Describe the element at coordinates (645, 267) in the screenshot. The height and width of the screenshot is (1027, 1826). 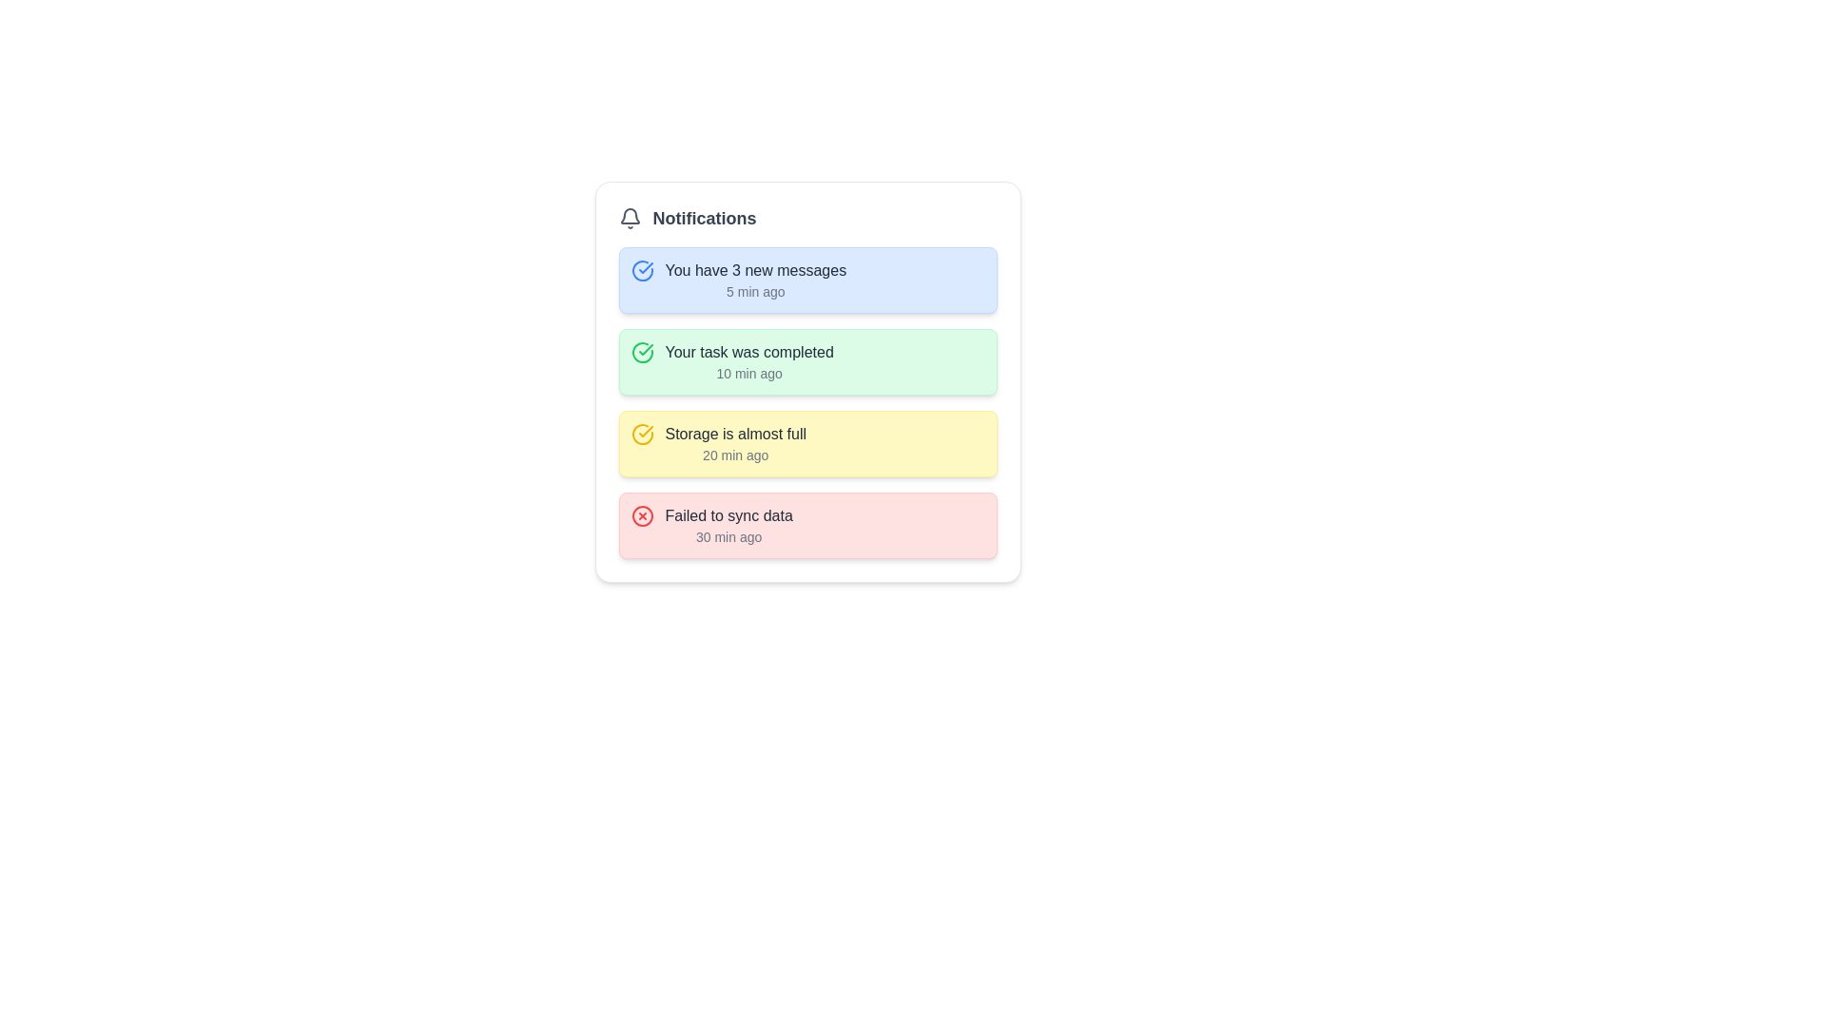
I see `the state represented by the checkmark inside the circular icon located next to the second notification message text 'Your task was completed.'` at that location.